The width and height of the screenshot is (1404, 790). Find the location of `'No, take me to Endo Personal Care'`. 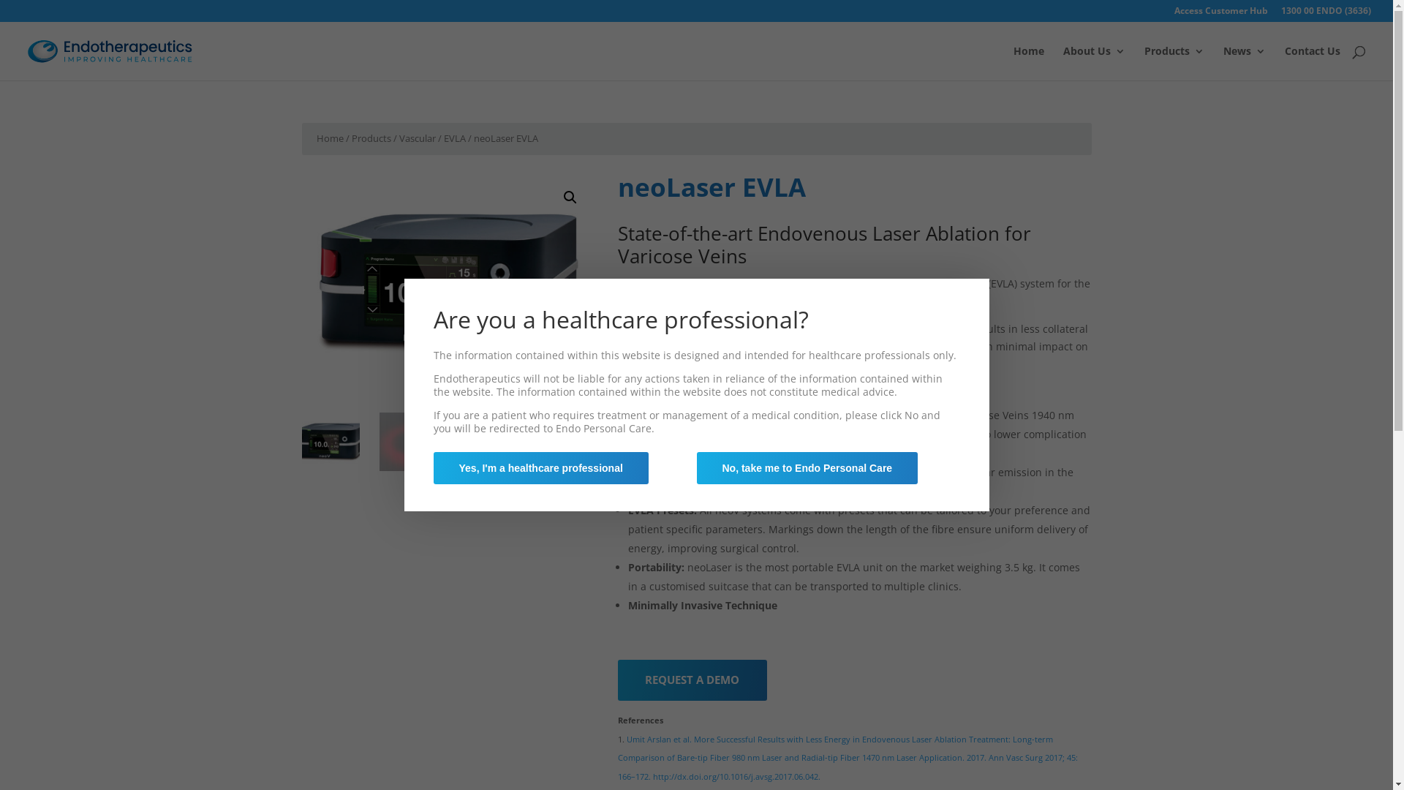

'No, take me to Endo Personal Care' is located at coordinates (806, 468).